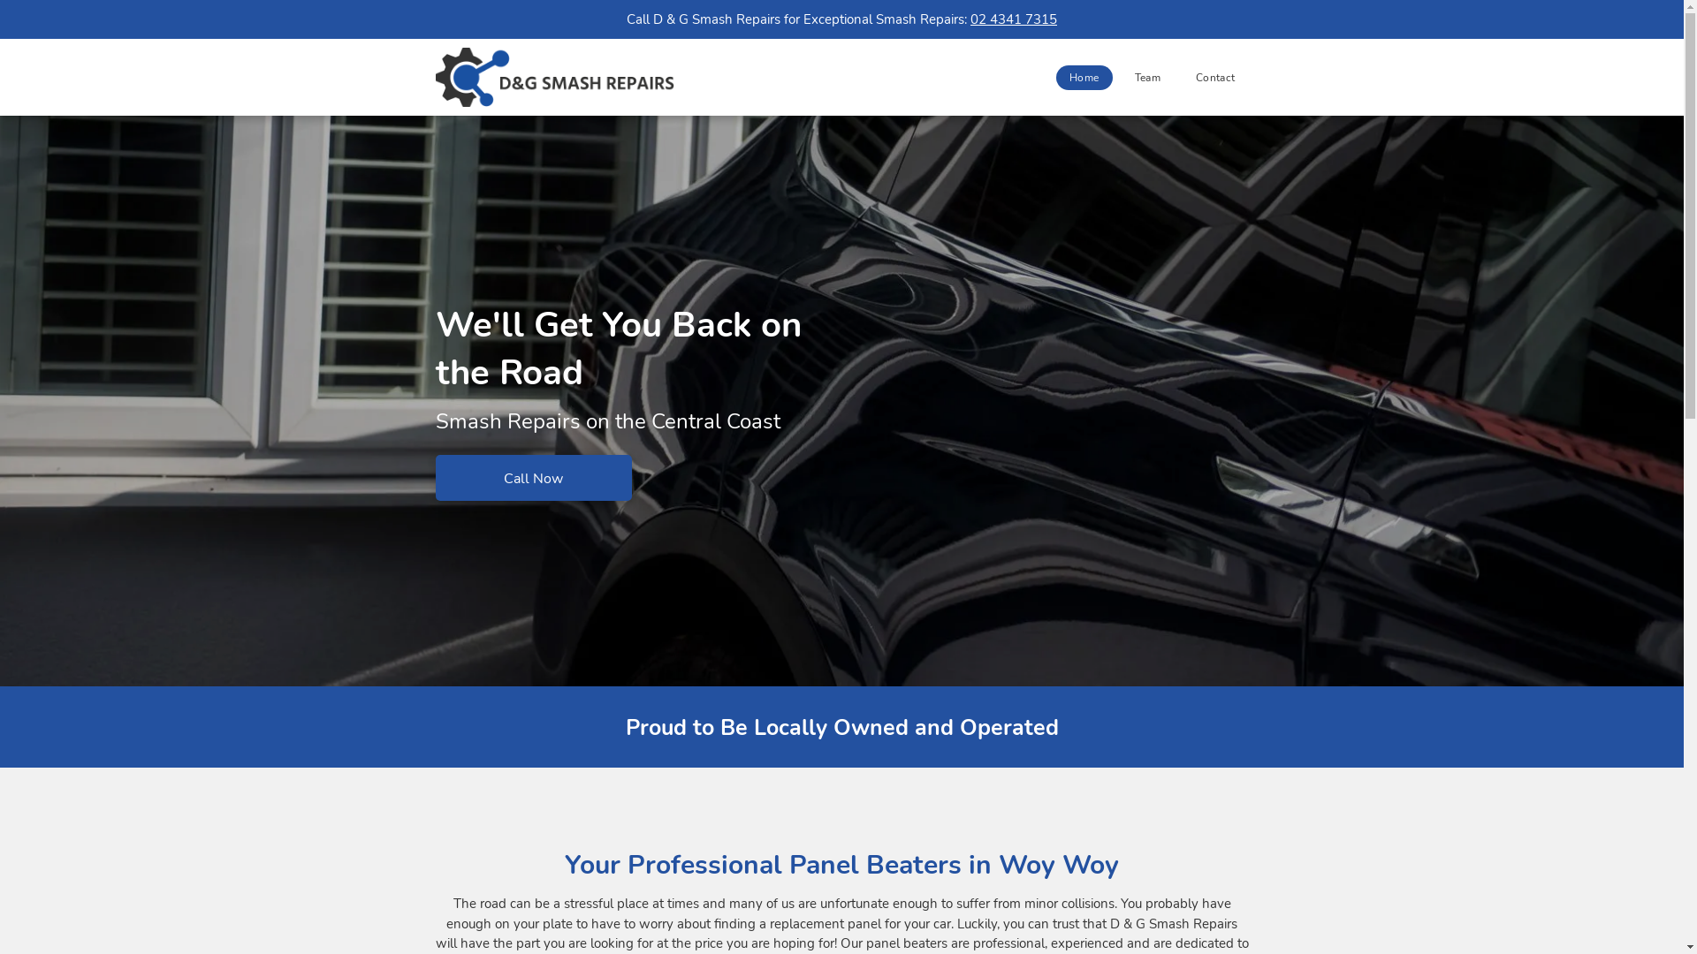 This screenshot has width=1697, height=954. I want to click on 'Call Now', so click(532, 477).